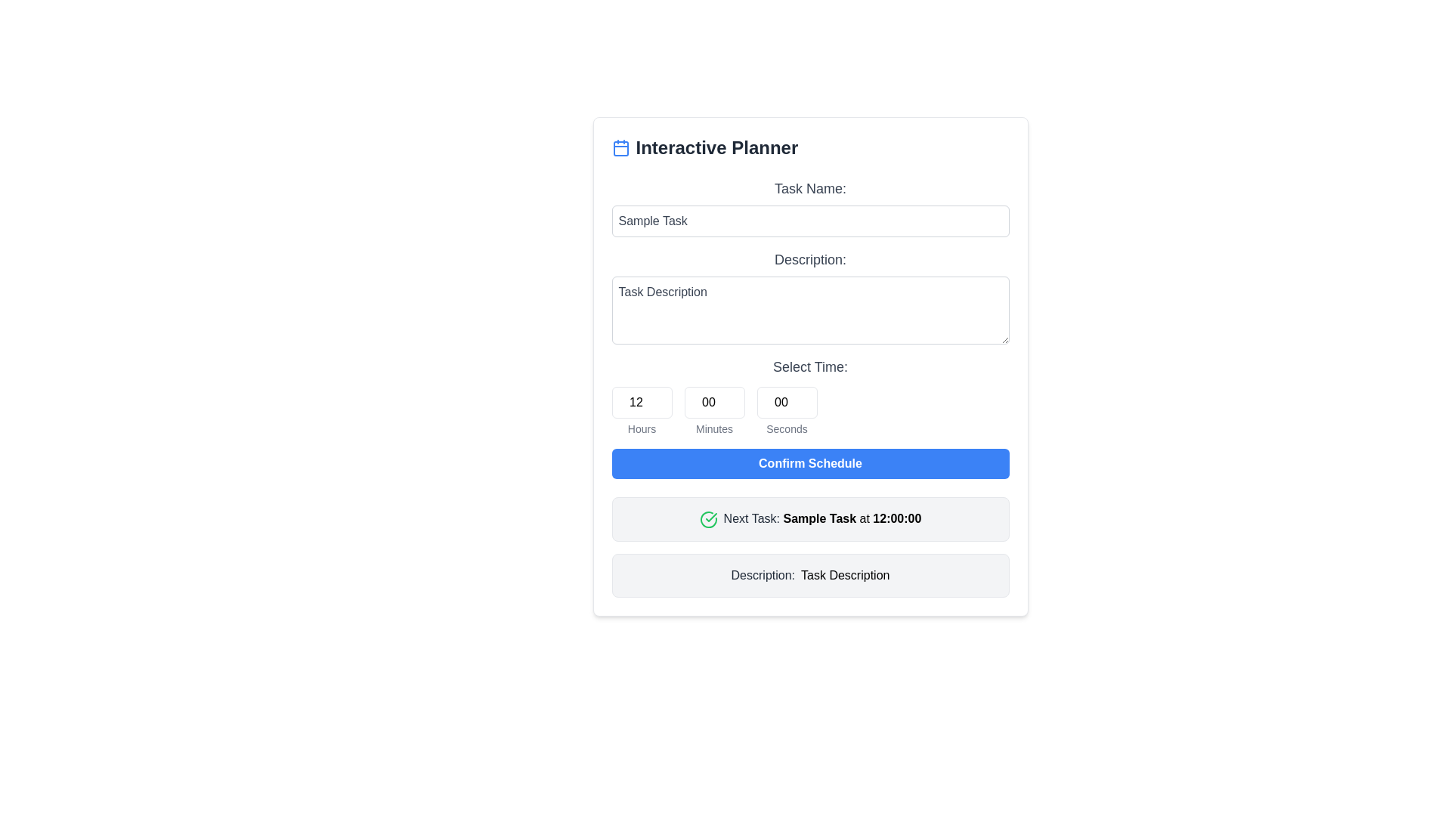  What do you see at coordinates (809, 221) in the screenshot?
I see `the 'Task Name:' input field to focus and start typing, which is the first input field in the form interface` at bounding box center [809, 221].